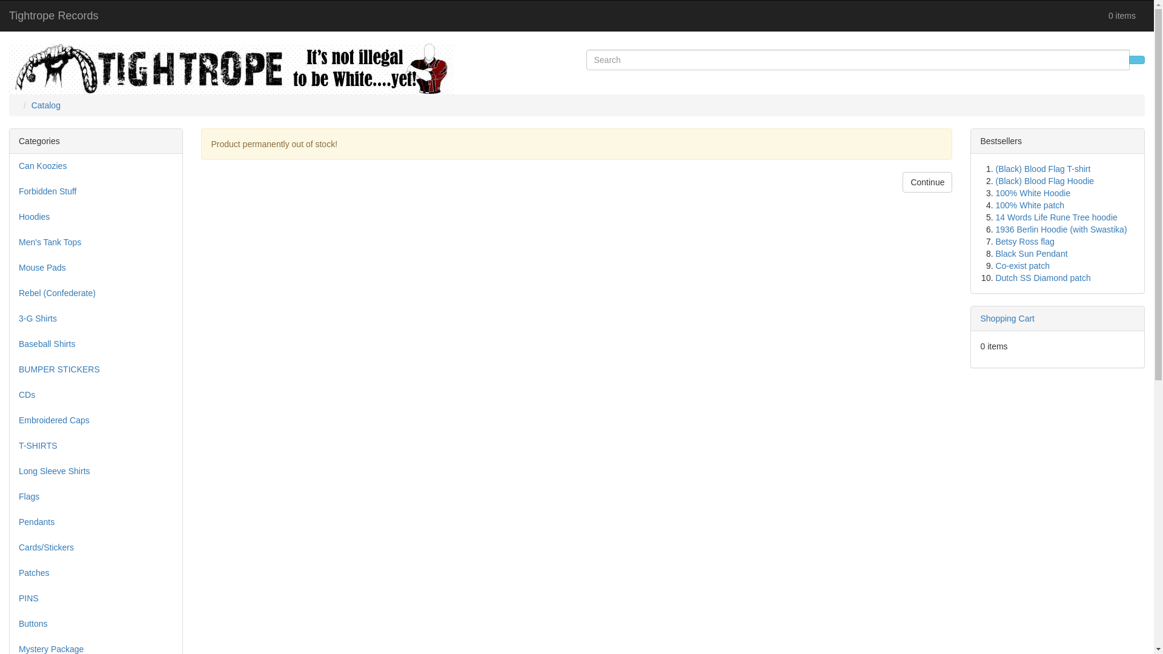 The image size is (1163, 654). Describe the element at coordinates (95, 394) in the screenshot. I see `'CDs'` at that location.